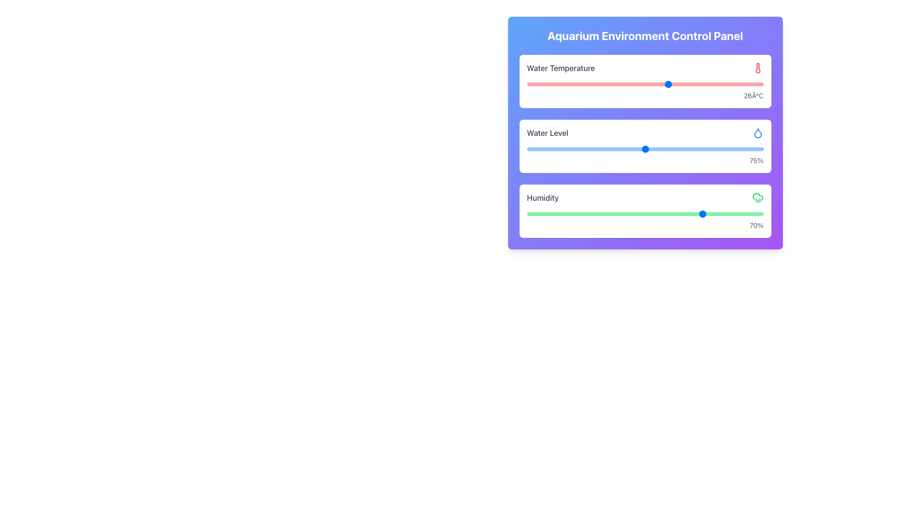  I want to click on humidity, so click(556, 213).